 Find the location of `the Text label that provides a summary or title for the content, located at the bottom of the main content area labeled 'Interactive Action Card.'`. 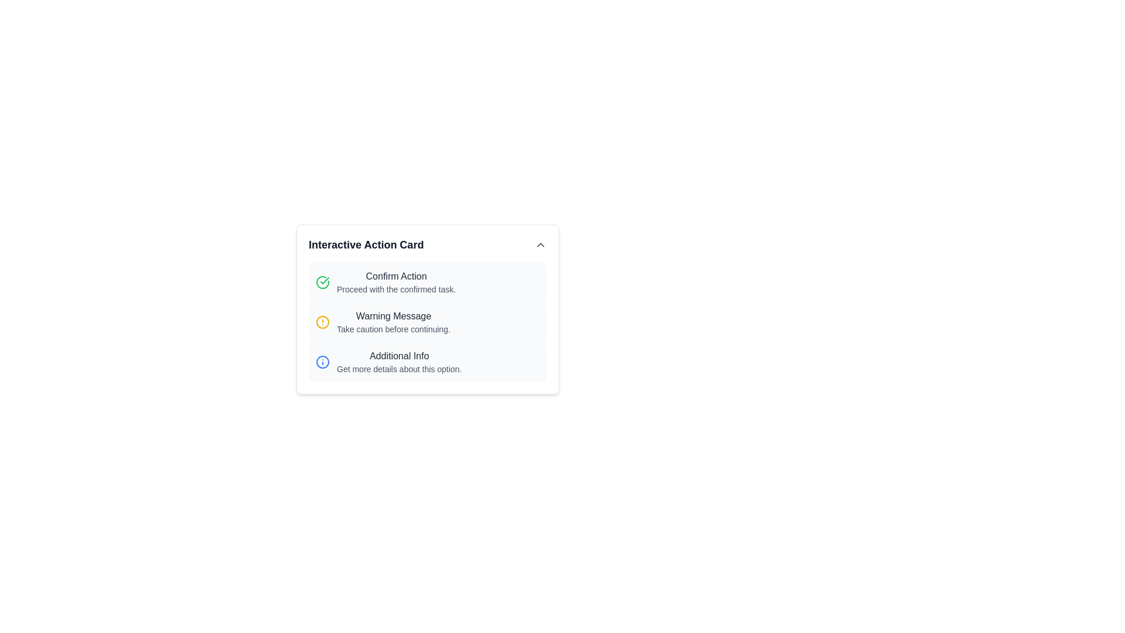

the Text label that provides a summary or title for the content, located at the bottom of the main content area labeled 'Interactive Action Card.' is located at coordinates (399, 356).